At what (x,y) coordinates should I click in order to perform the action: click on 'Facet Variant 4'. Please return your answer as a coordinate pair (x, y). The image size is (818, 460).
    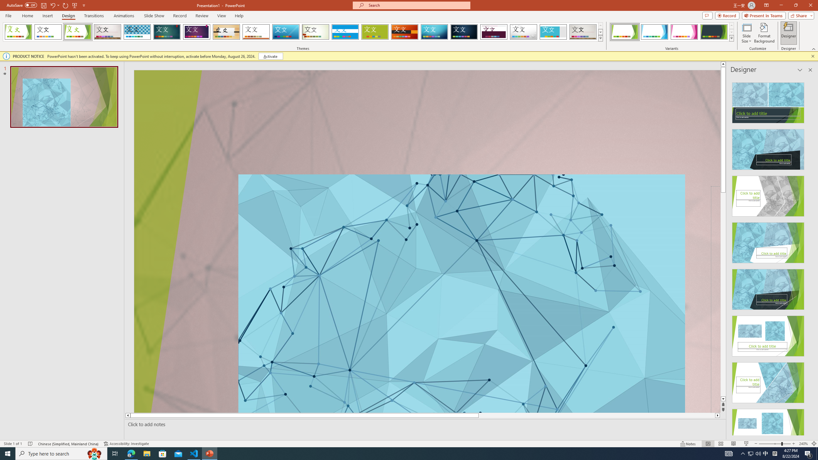
    Looking at the image, I should click on (714, 32).